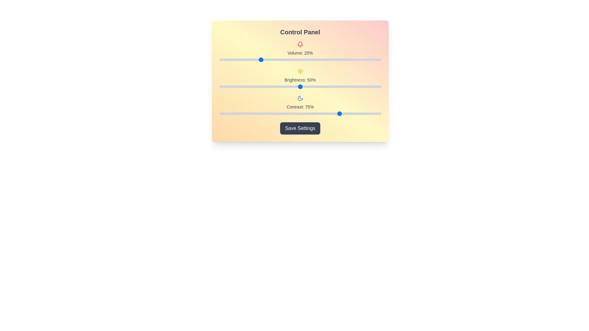  Describe the element at coordinates (308, 113) in the screenshot. I see `contrast` at that location.